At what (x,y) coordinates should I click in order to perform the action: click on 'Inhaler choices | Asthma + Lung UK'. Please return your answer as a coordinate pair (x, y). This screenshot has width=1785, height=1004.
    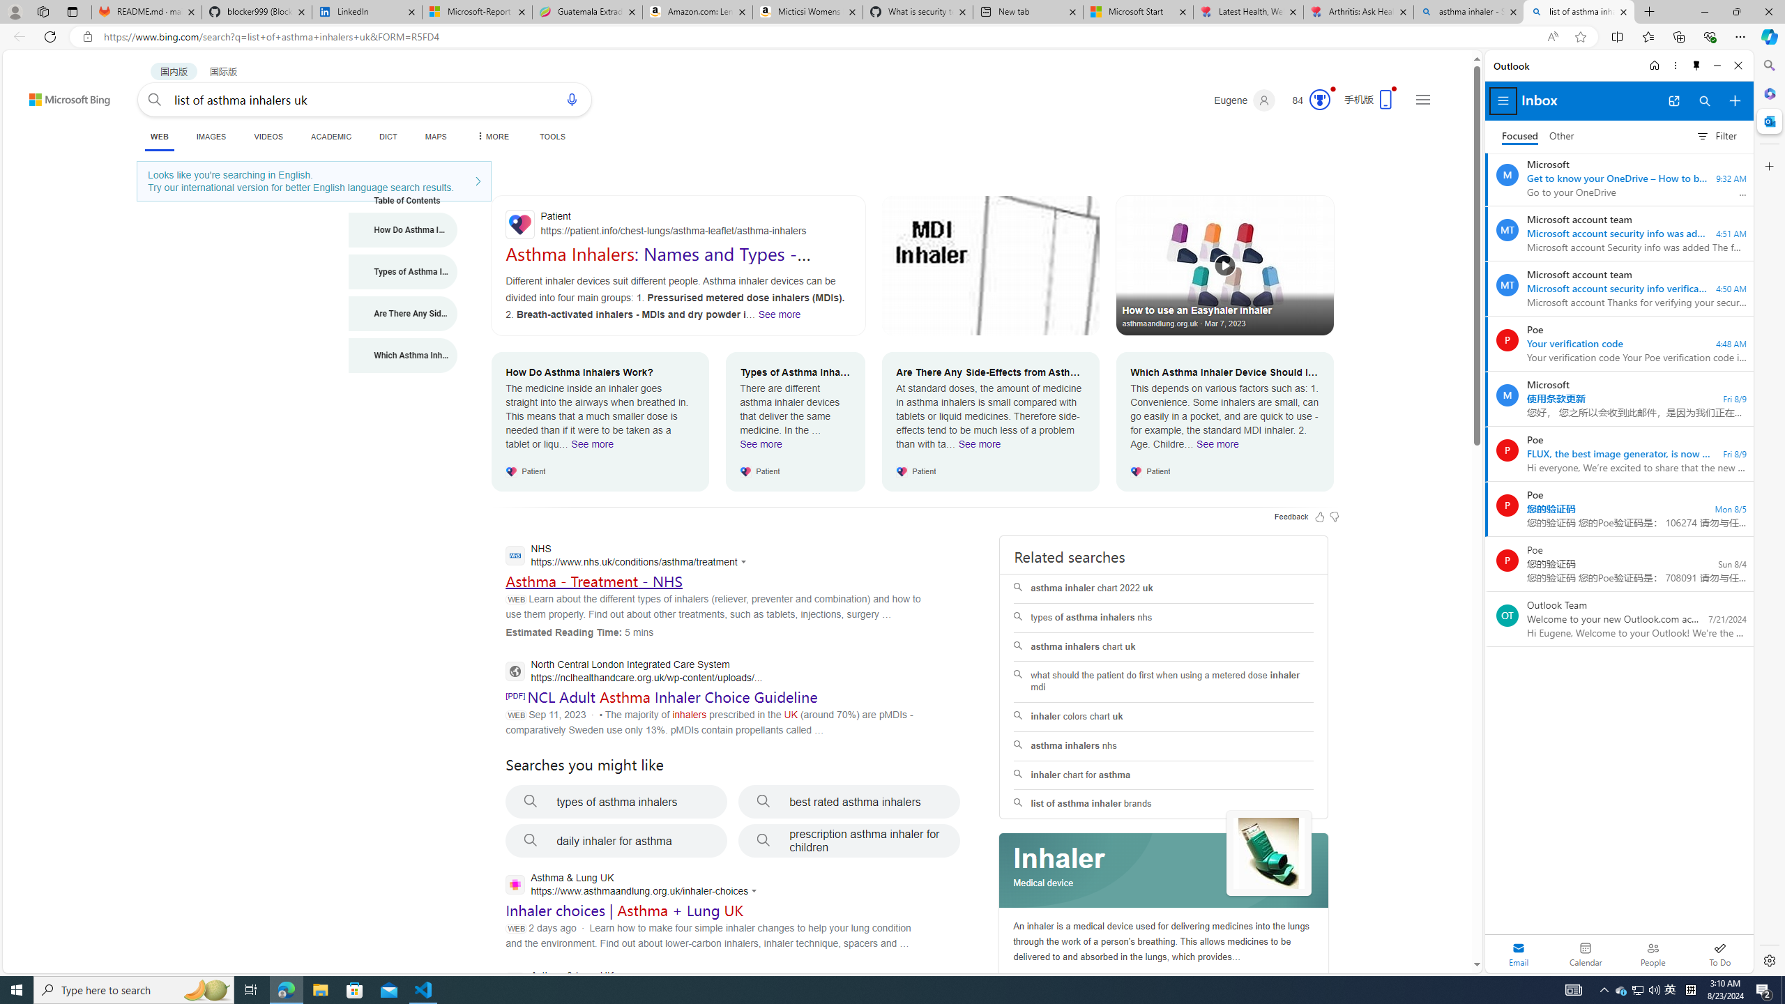
    Looking at the image, I should click on (625, 910).